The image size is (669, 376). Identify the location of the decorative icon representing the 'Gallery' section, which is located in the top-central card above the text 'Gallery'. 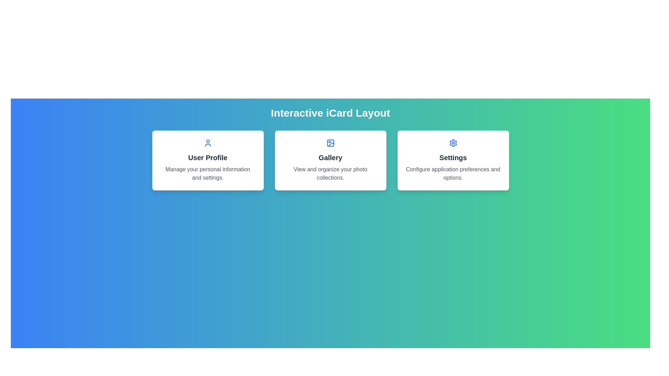
(330, 143).